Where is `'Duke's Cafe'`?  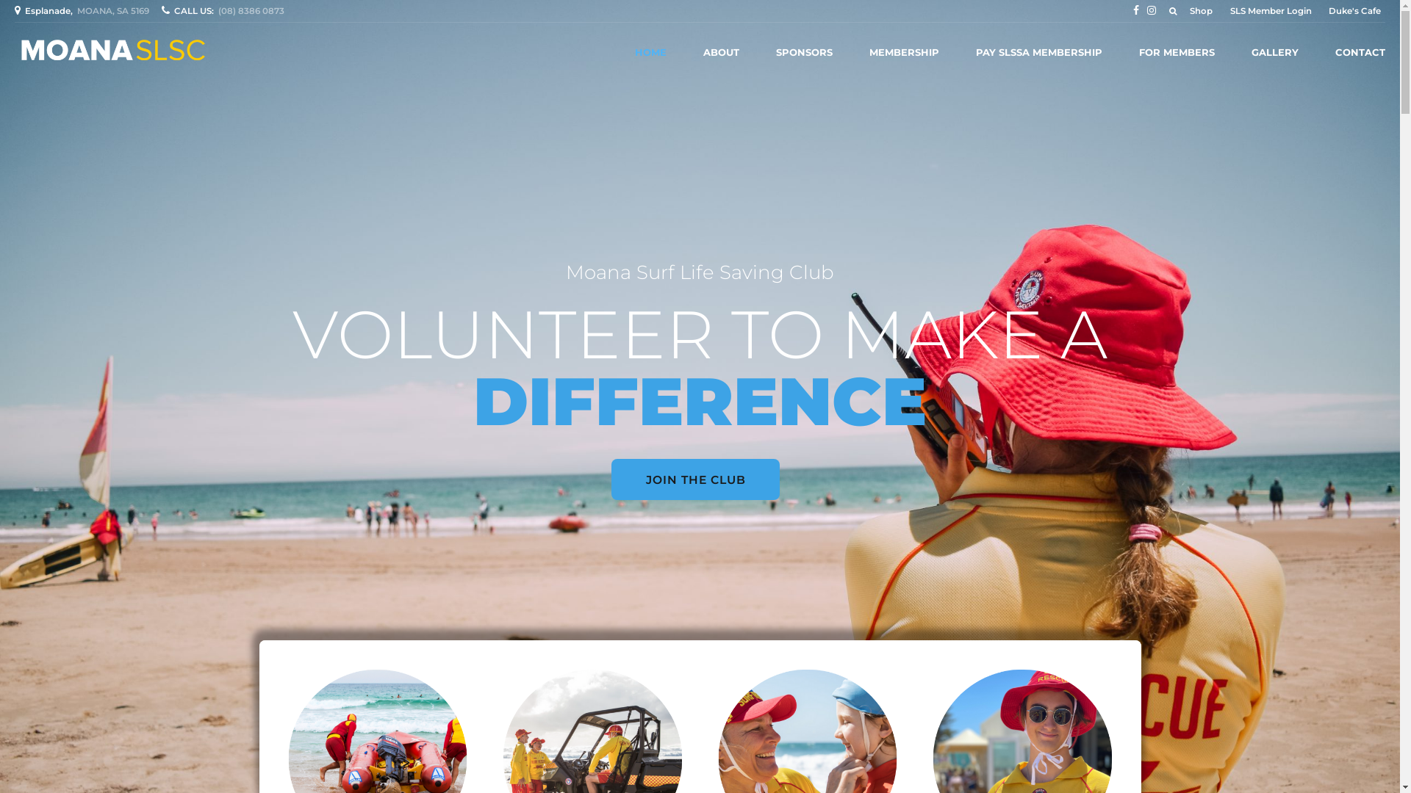
'Duke's Cafe' is located at coordinates (1354, 11).